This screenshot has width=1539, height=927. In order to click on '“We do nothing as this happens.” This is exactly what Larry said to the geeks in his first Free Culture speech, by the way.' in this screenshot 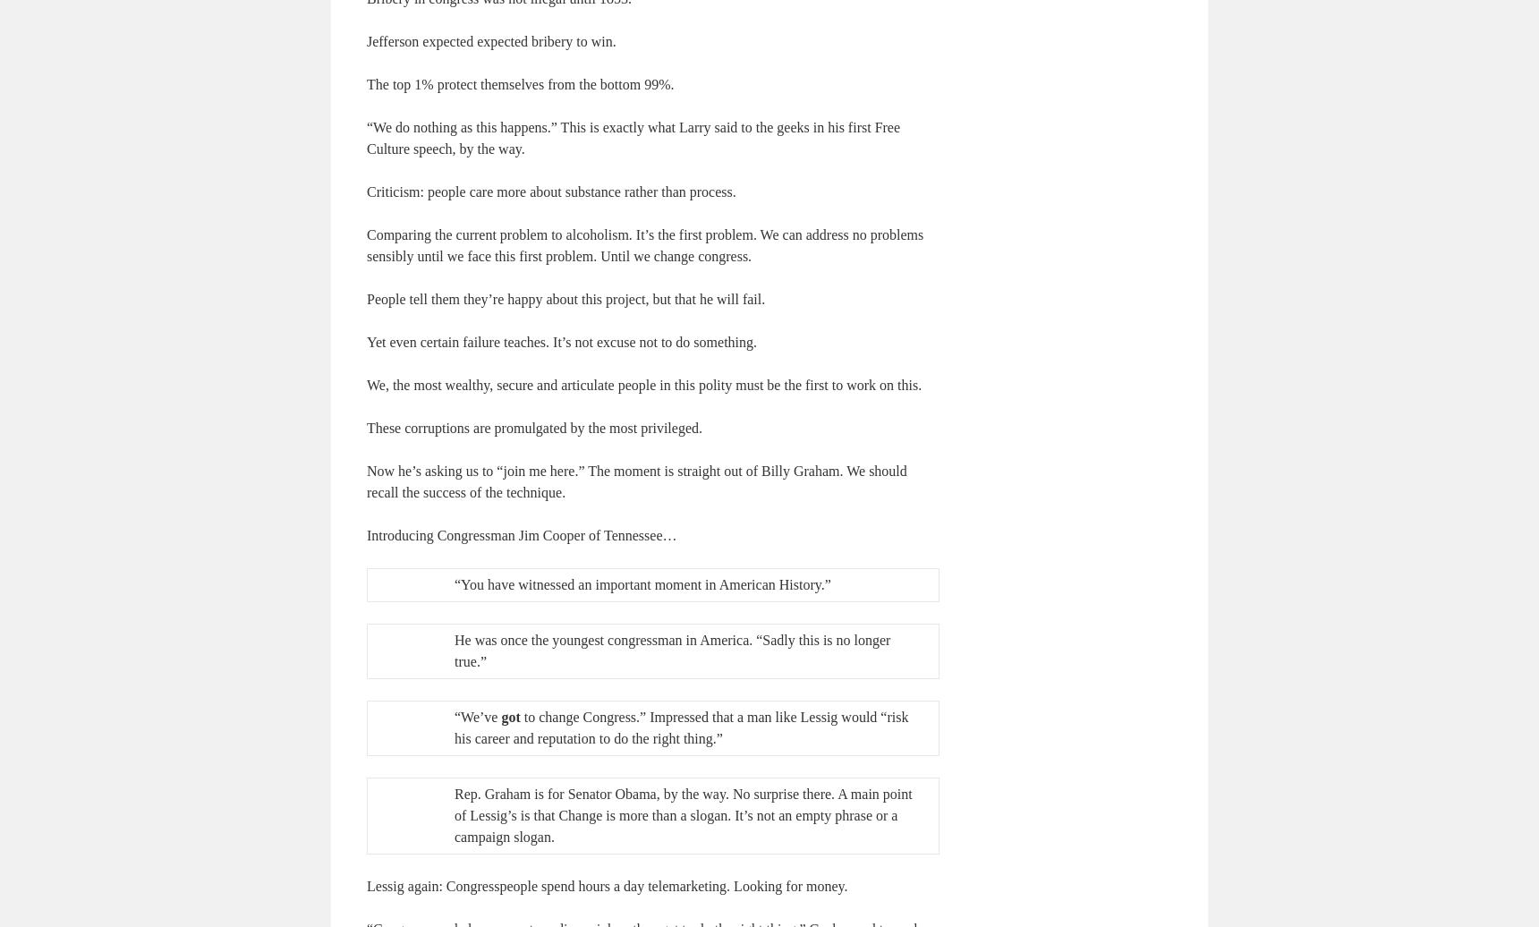, I will do `click(367, 137)`.